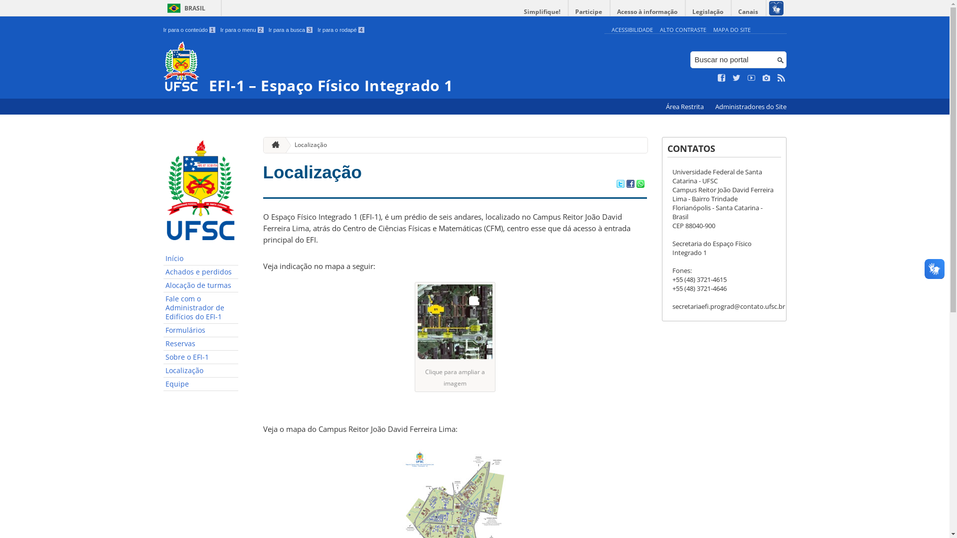 The width and height of the screenshot is (957, 538). I want to click on 'Canais', so click(749, 11).